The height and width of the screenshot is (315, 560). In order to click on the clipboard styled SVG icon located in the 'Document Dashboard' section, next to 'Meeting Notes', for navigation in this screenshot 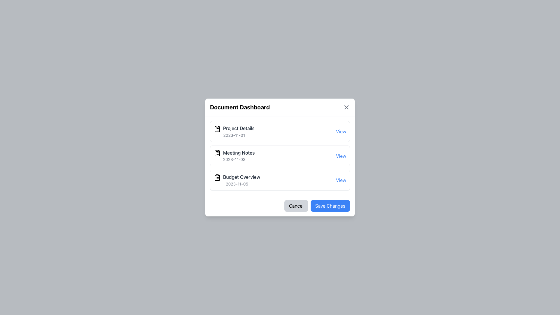, I will do `click(217, 153)`.